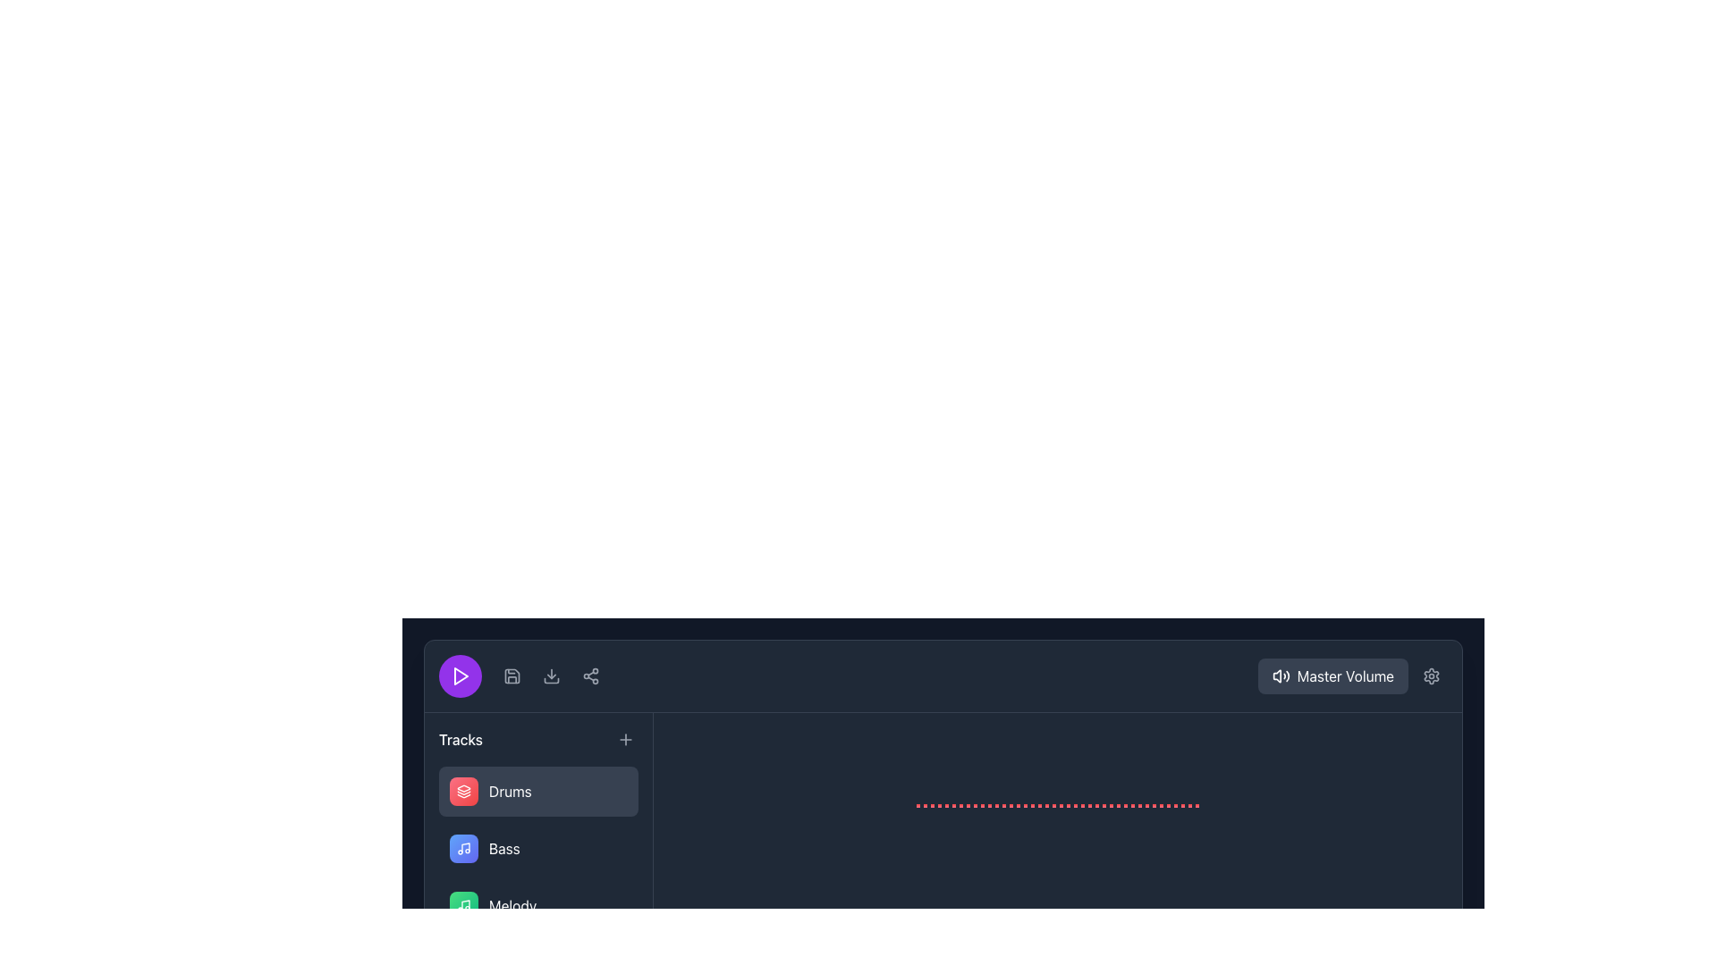  What do you see at coordinates (551, 675) in the screenshot?
I see `the download icon in the toolbar section, located centrally at the top` at bounding box center [551, 675].